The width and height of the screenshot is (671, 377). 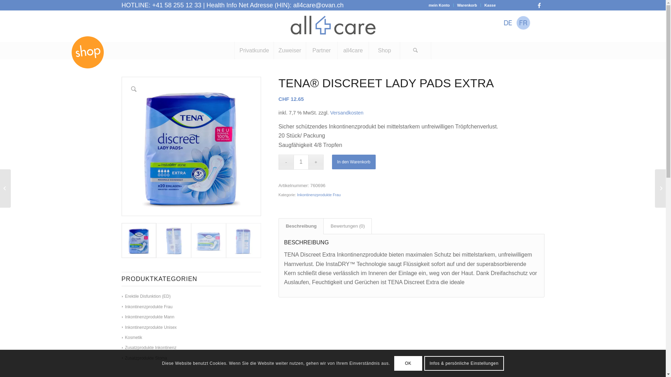 What do you see at coordinates (347, 226) in the screenshot?
I see `'Bewertungen (0)'` at bounding box center [347, 226].